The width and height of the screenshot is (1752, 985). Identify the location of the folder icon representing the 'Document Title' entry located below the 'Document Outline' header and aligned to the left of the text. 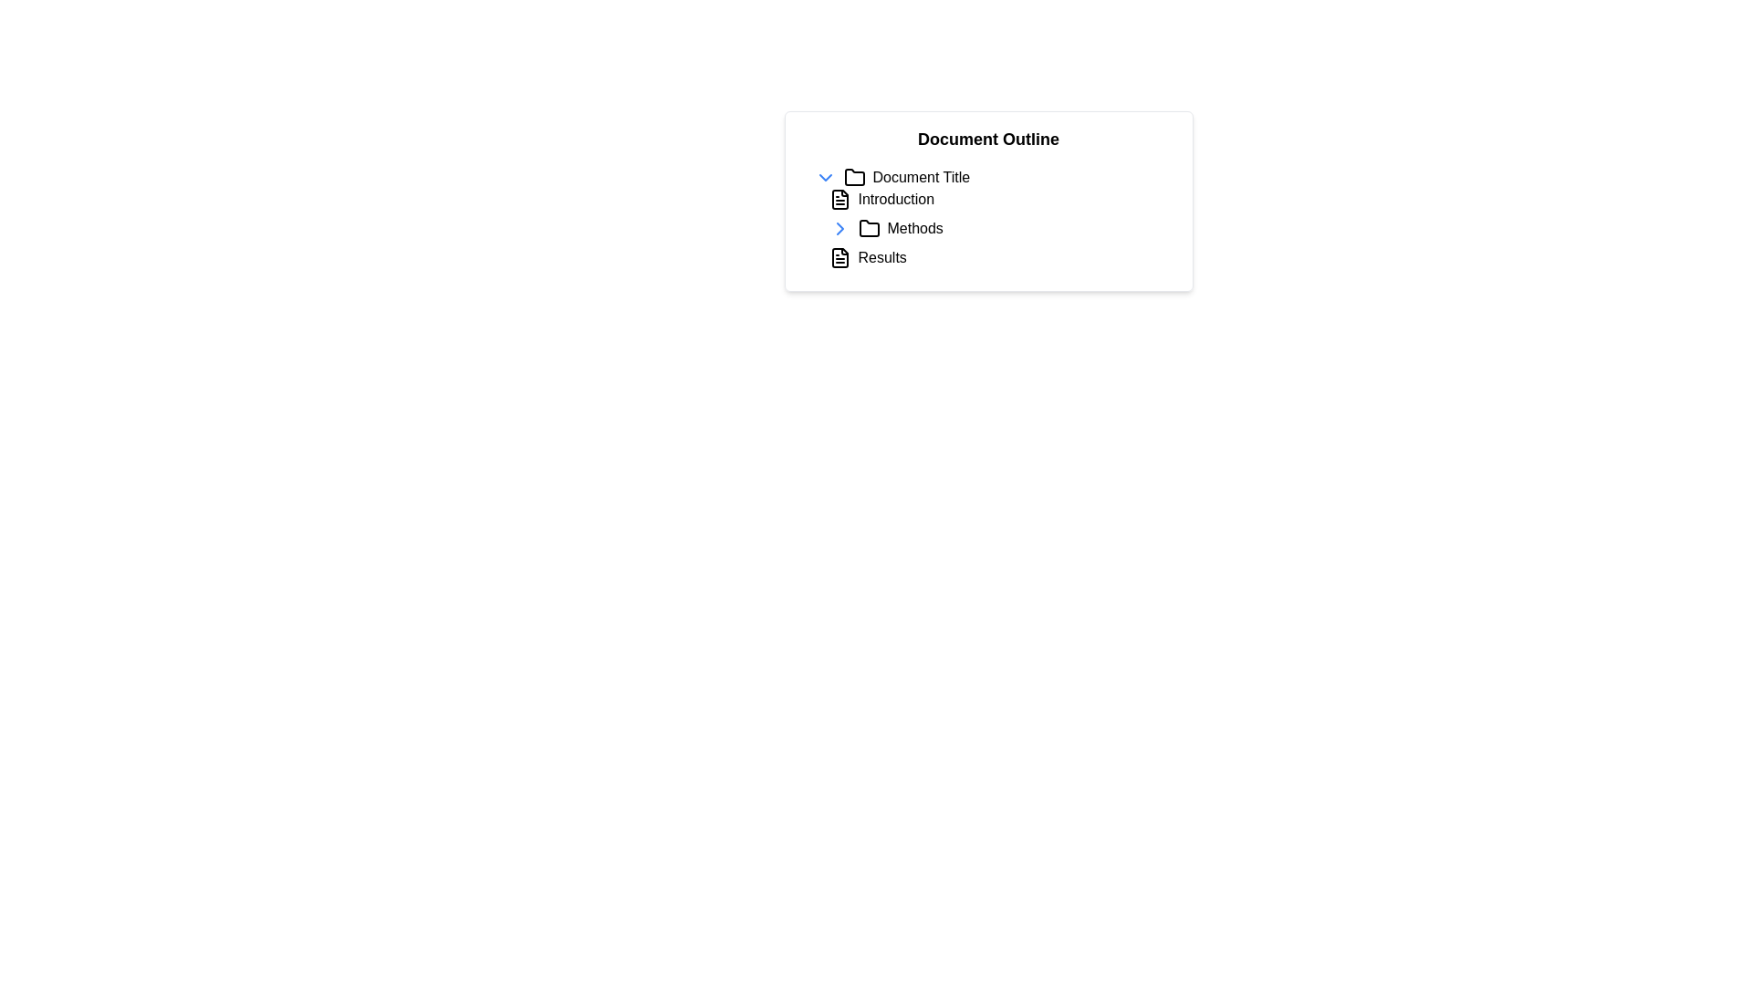
(853, 177).